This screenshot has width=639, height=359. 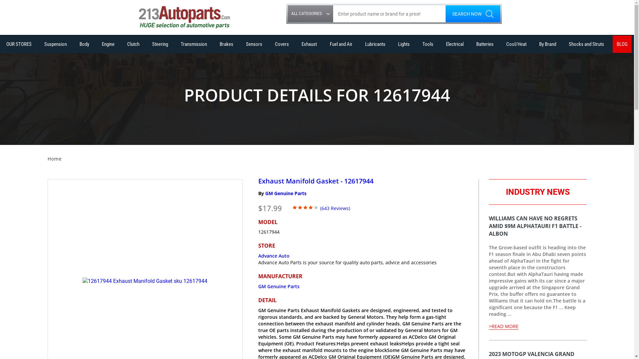 What do you see at coordinates (84, 44) in the screenshot?
I see `'Body'` at bounding box center [84, 44].